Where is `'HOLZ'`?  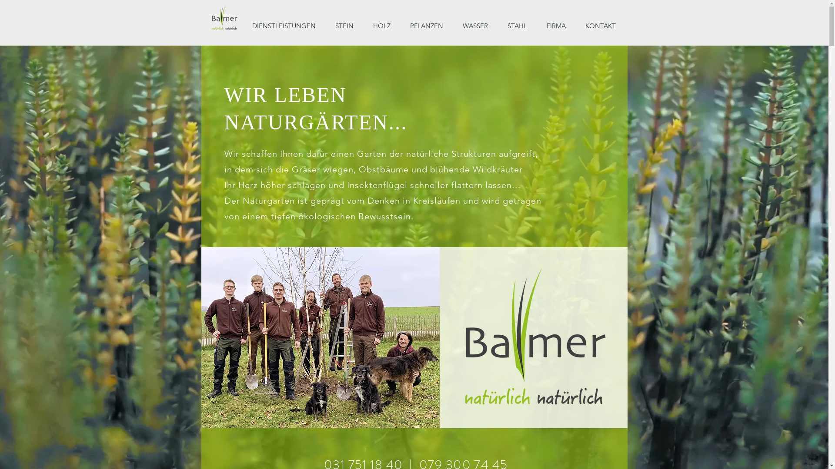
'HOLZ' is located at coordinates (384, 26).